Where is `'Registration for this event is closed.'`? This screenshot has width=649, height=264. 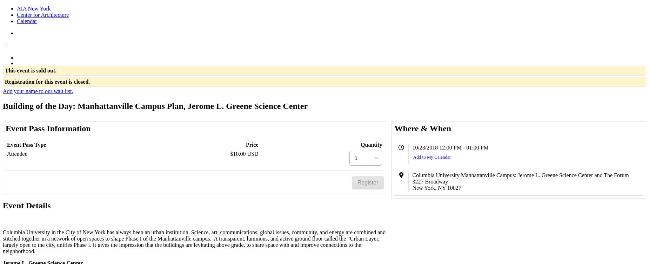 'Registration for this event is closed.' is located at coordinates (47, 81).